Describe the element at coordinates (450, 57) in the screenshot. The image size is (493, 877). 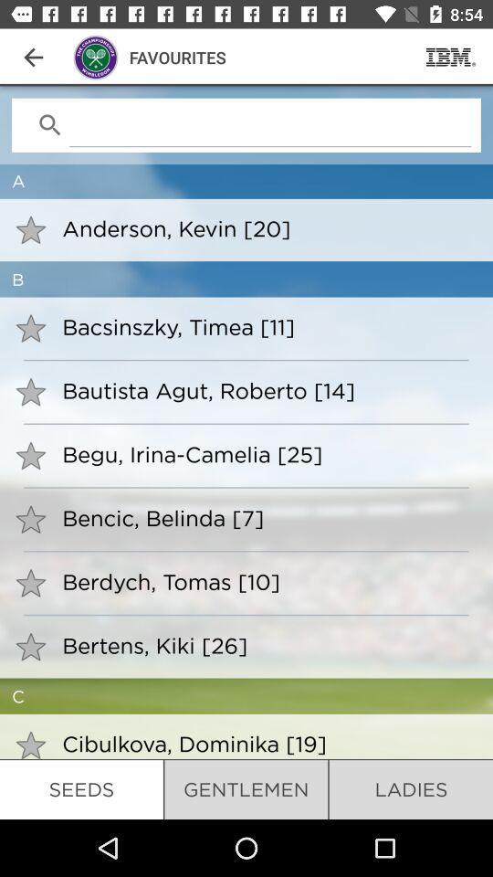
I see `icon to the right of favourites app` at that location.